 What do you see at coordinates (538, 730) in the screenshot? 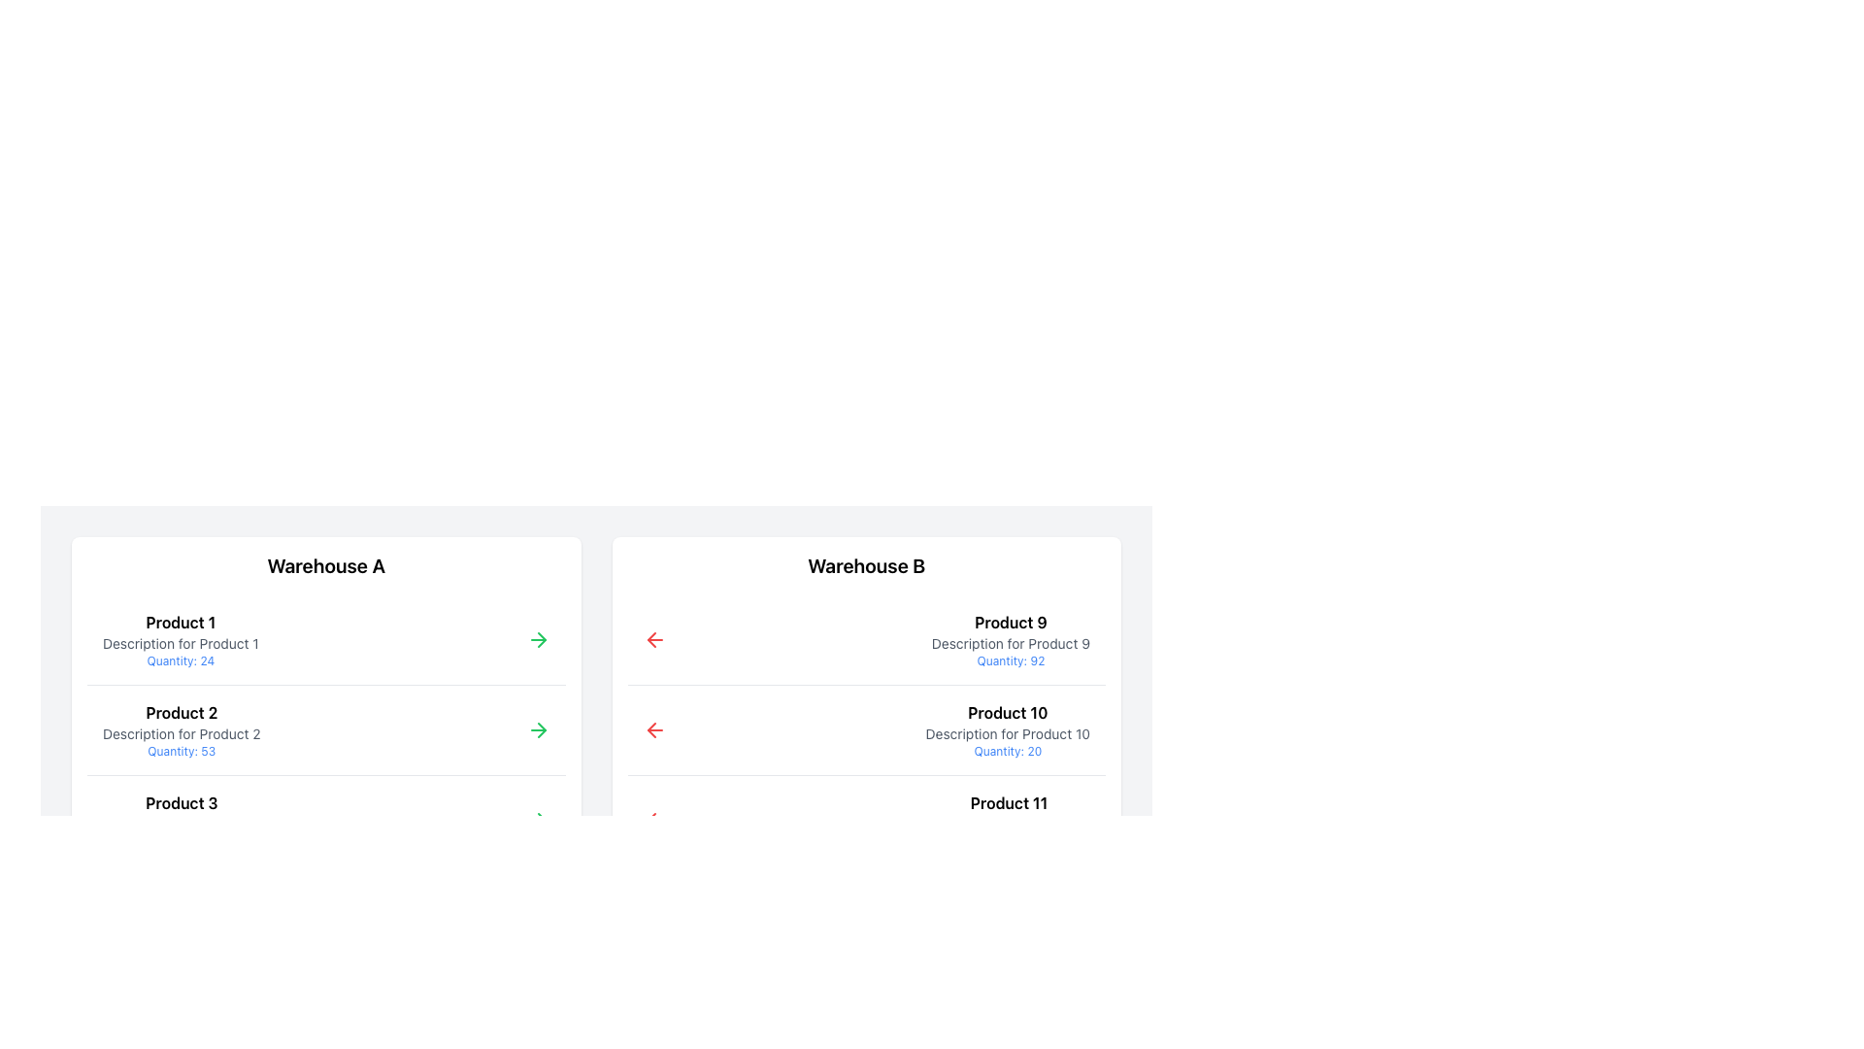
I see `the green arrow icon button pointing to the right, located in the second row of the 'Warehouse A' section, to move forward` at bounding box center [538, 730].